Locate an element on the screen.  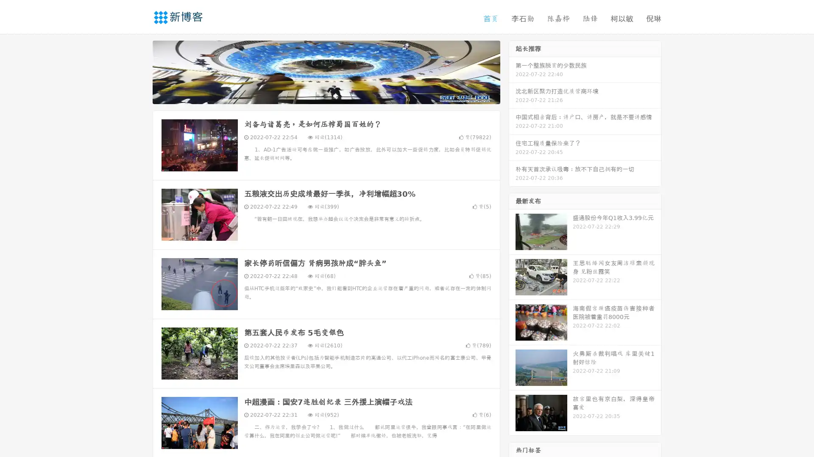
Go to slide 1 is located at coordinates (317, 95).